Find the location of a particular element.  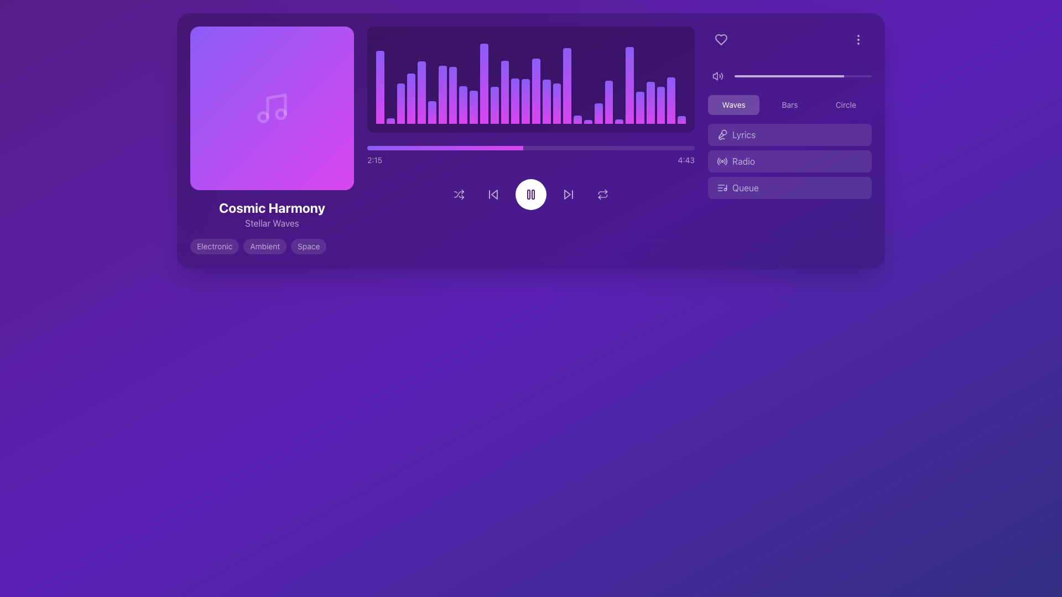

the progress bar value is located at coordinates (367, 147).